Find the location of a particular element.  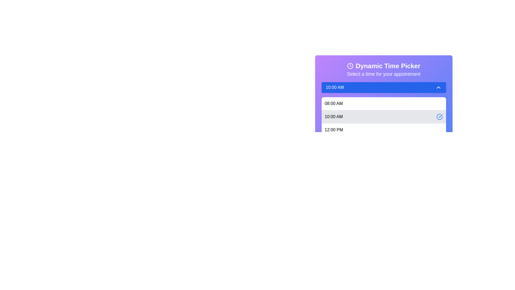

the upward-pointing chevron icon in white, located within a blue rectangular area is located at coordinates (438, 87).